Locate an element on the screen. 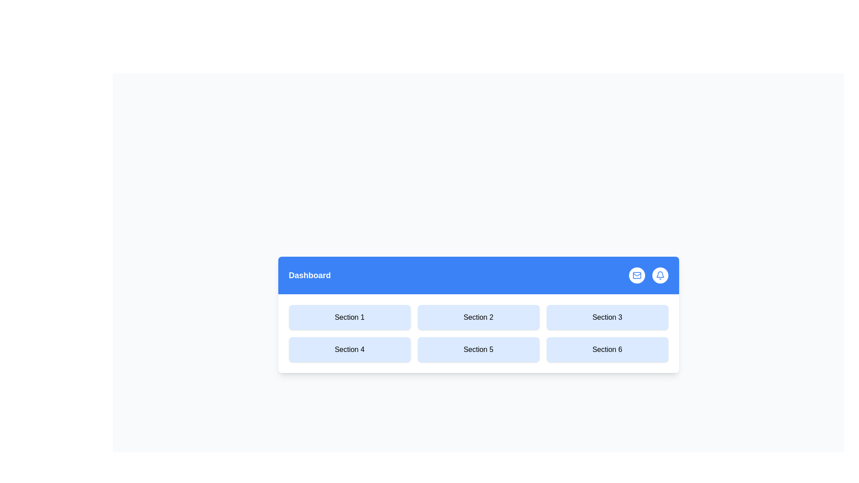 Image resolution: width=859 pixels, height=483 pixels. the circular white button with a blue border and a bell icon located at the top-right corner of the blue interface header is located at coordinates (660, 275).